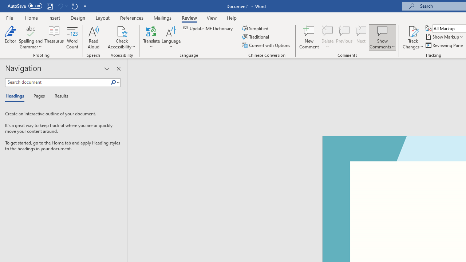 This screenshot has width=466, height=262. Describe the element at coordinates (151, 37) in the screenshot. I see `'Translate'` at that location.